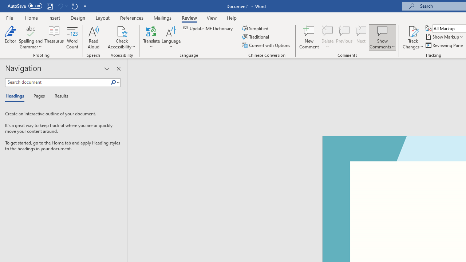 This screenshot has width=466, height=262. Describe the element at coordinates (151, 37) in the screenshot. I see `'Translate'` at that location.